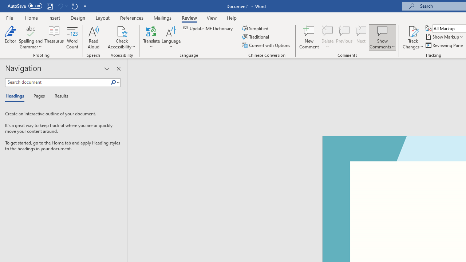 This screenshot has width=466, height=262. Describe the element at coordinates (151, 37) in the screenshot. I see `'Translate'` at that location.